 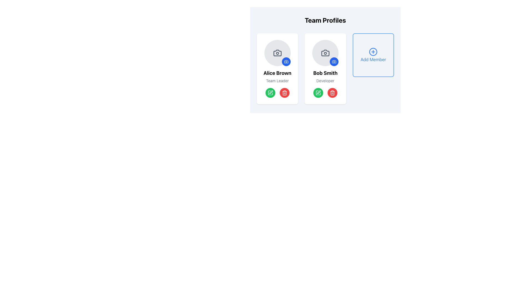 I want to click on the green circular edit button with a white pen symbol located in the lower-left corner of Bob Smith's profile card to initiate editing, so click(x=318, y=92).